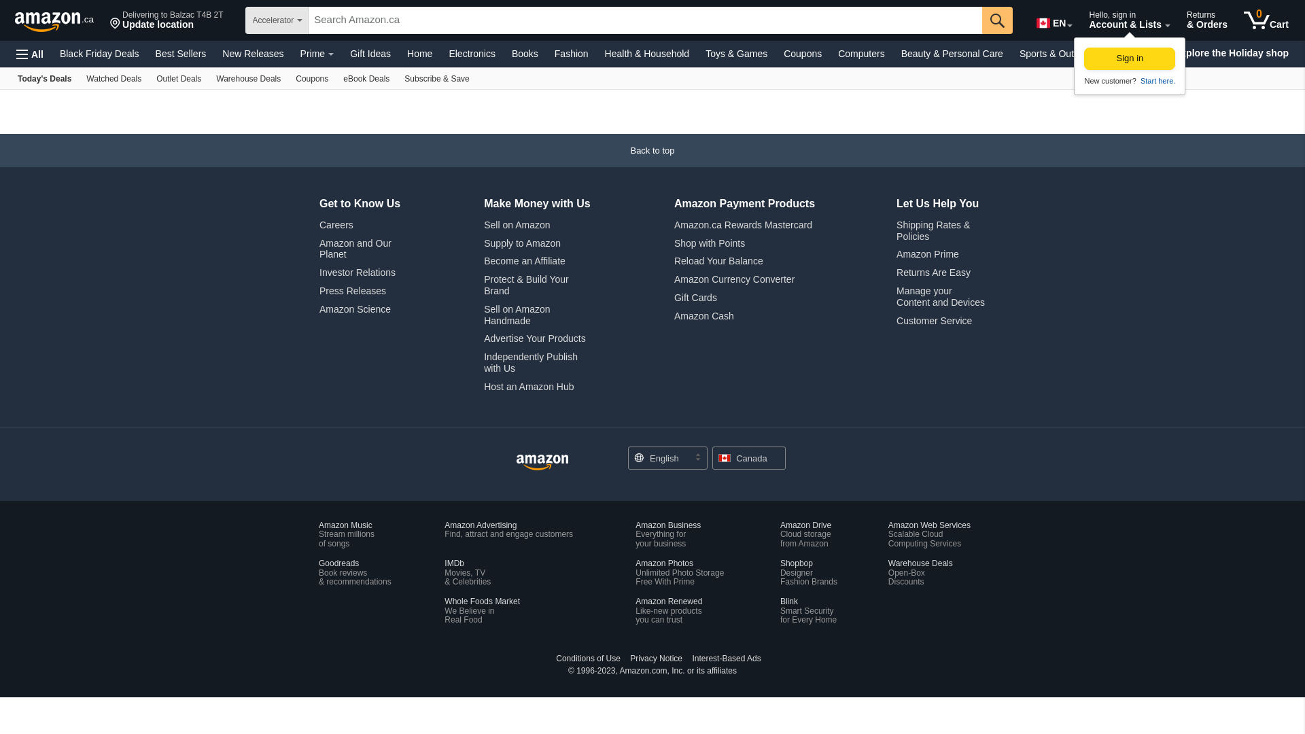 The height and width of the screenshot is (734, 1305). I want to click on 'Investor Relations', so click(358, 273).